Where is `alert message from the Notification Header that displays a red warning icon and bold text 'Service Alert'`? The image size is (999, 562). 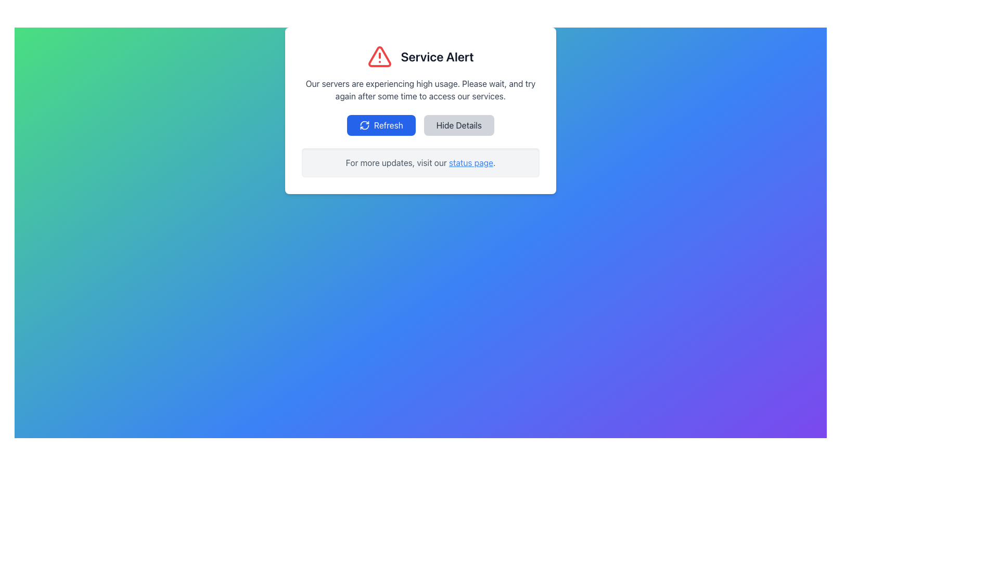
alert message from the Notification Header that displays a red warning icon and bold text 'Service Alert' is located at coordinates (420, 56).